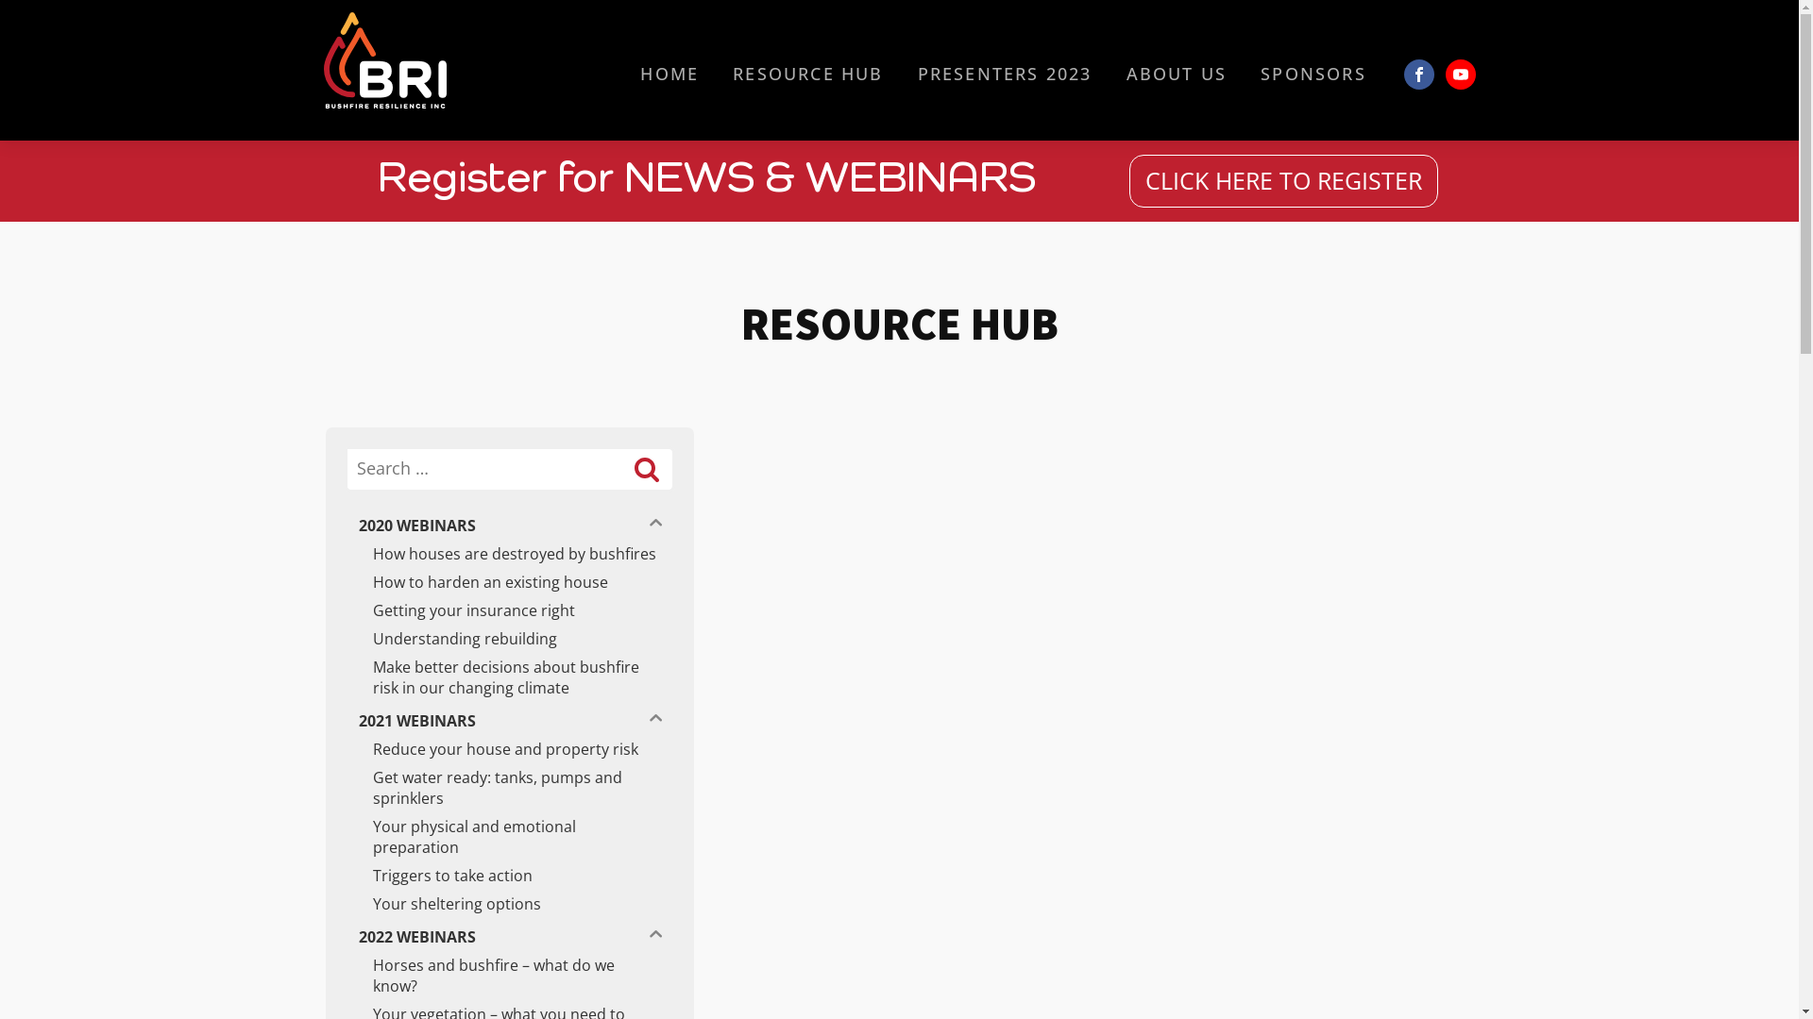 The image size is (1813, 1019). I want to click on 'How to harden an existing house', so click(508, 581).